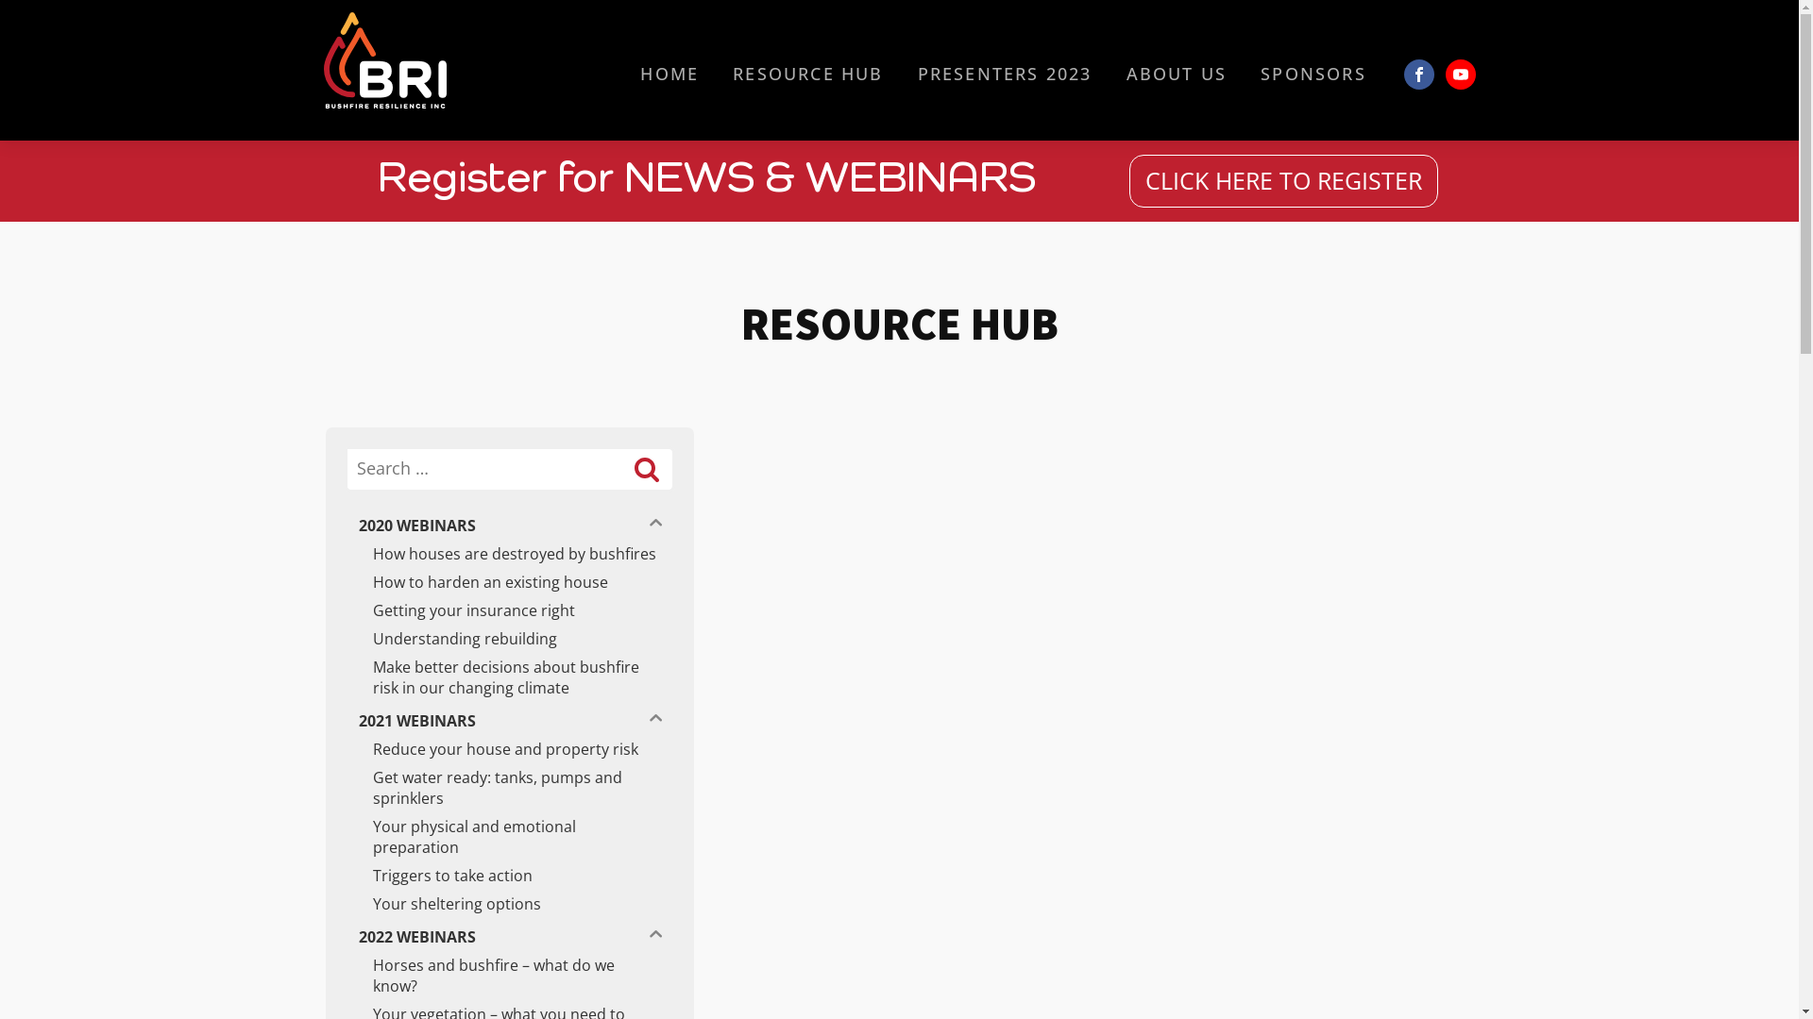 The image size is (1813, 1019). I want to click on 'How to harden an existing house', so click(508, 581).